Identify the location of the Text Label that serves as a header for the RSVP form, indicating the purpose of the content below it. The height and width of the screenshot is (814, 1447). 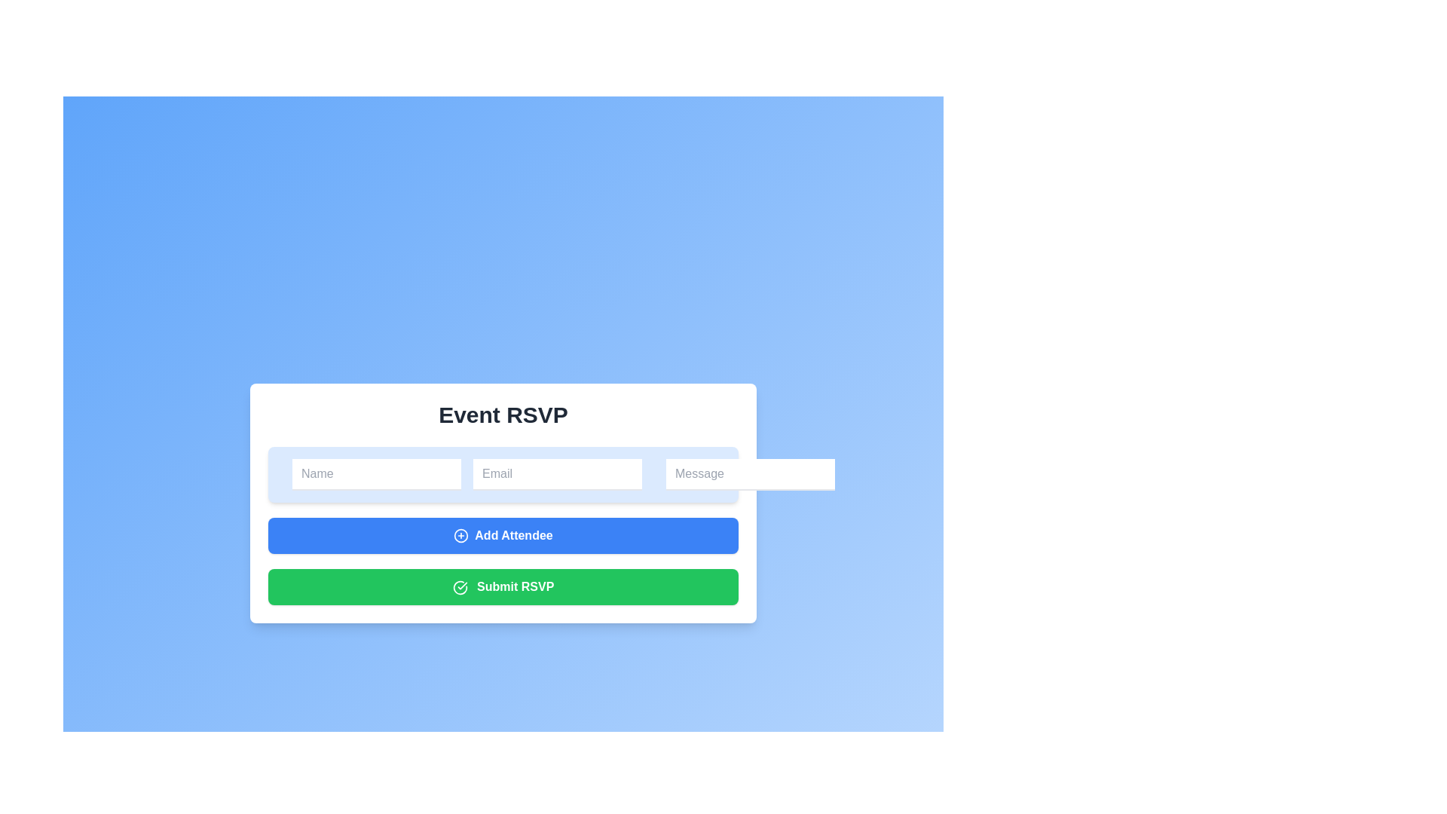
(503, 415).